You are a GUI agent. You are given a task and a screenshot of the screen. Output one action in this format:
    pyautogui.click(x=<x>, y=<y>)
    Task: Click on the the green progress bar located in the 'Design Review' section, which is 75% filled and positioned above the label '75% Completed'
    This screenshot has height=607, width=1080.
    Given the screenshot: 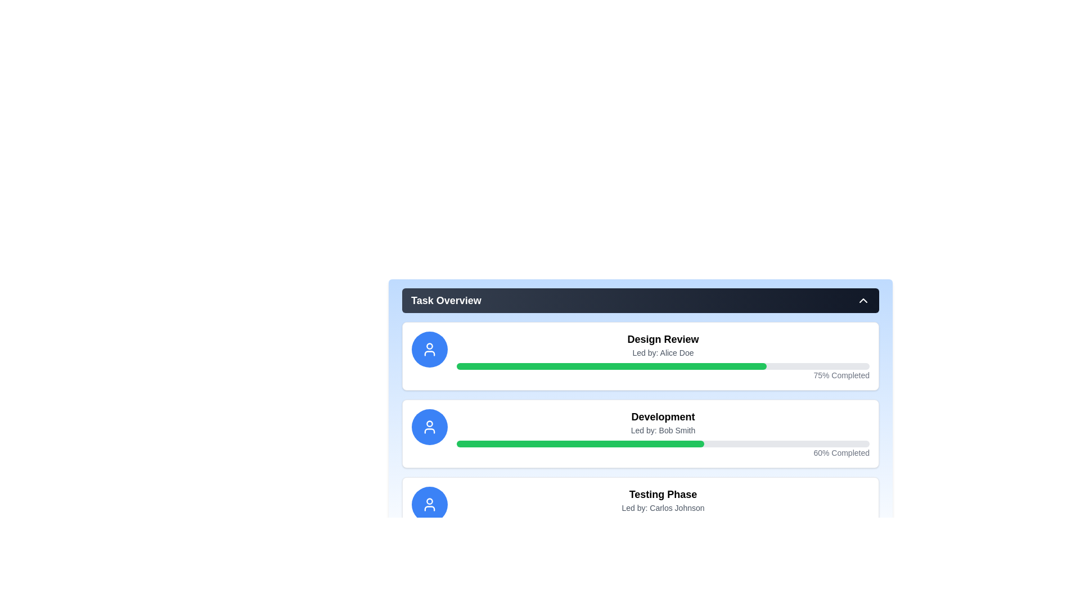 What is the action you would take?
    pyautogui.click(x=611, y=366)
    